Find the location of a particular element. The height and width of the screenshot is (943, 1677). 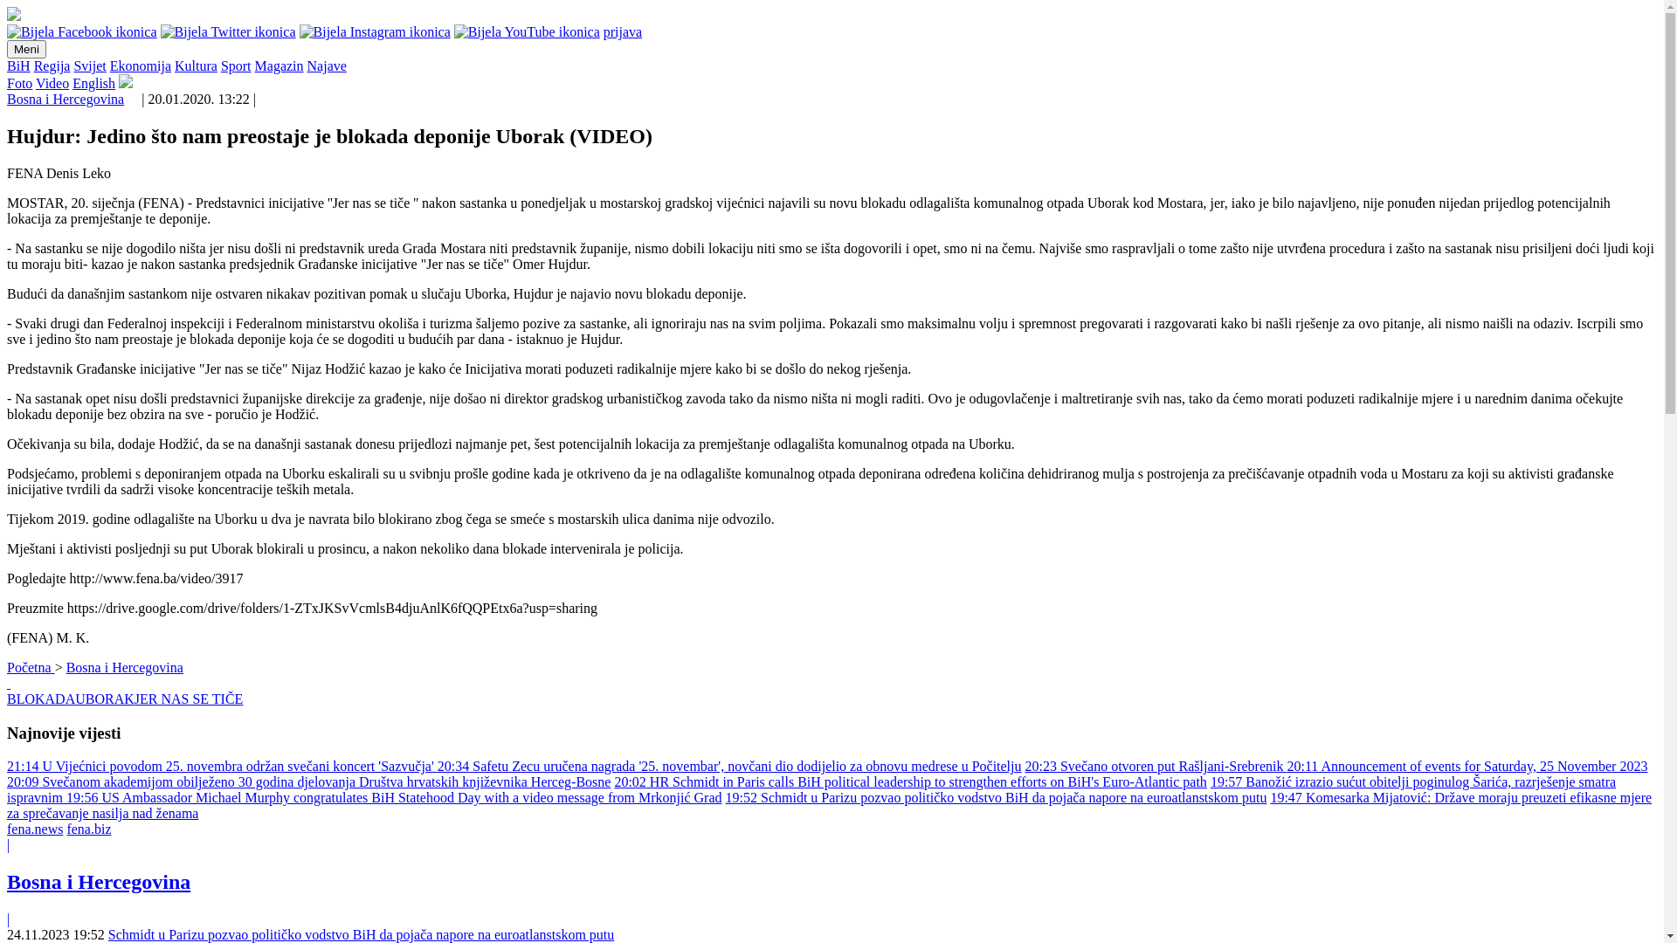

'fena.biz' is located at coordinates (87, 828).